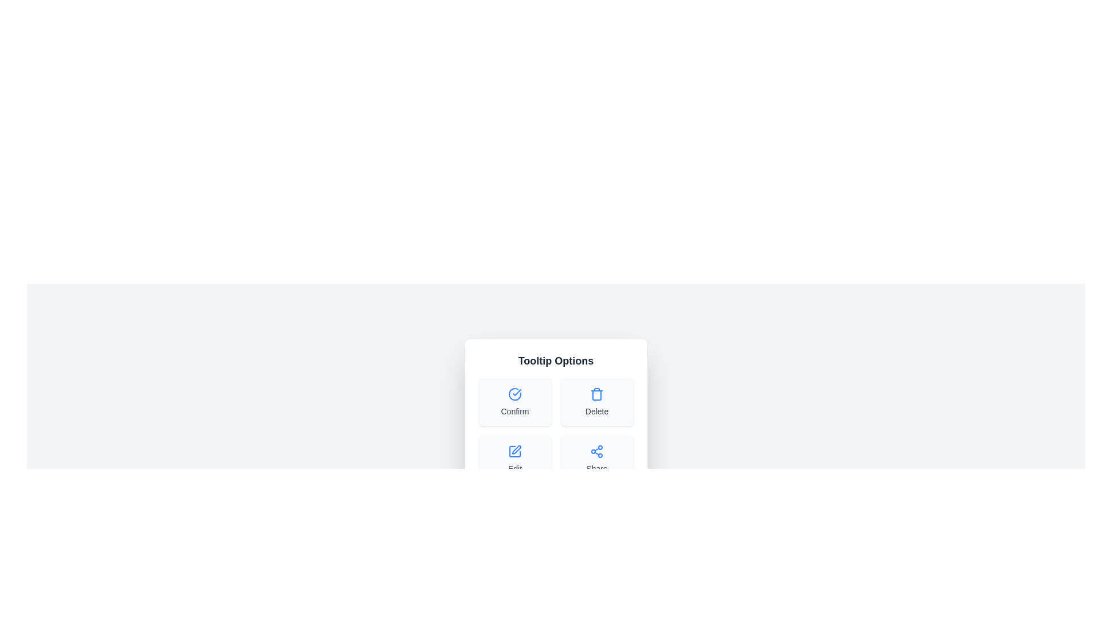 Image resolution: width=1100 pixels, height=619 pixels. Describe the element at coordinates (514, 393) in the screenshot. I see `the circular icon with a blue outline and a check mark in the center, located within the 'Confirm' button group` at that location.